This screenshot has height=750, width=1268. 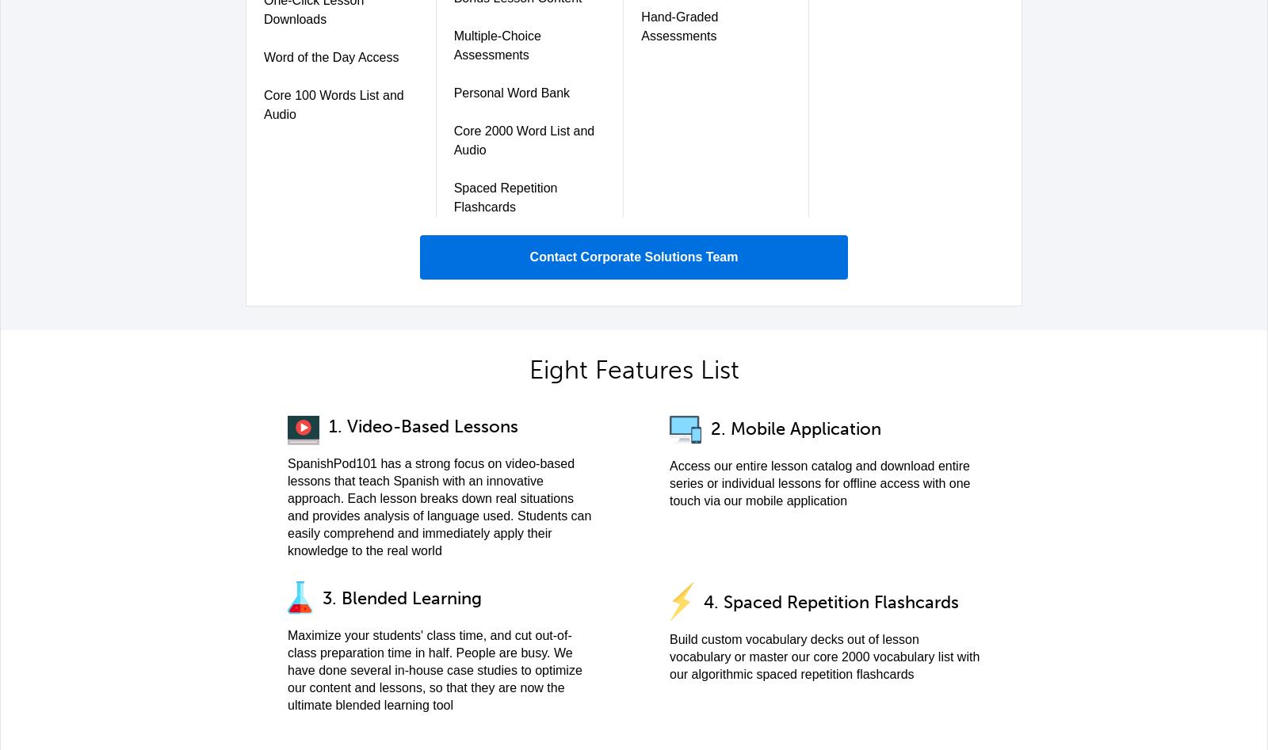 What do you see at coordinates (633, 256) in the screenshot?
I see `'Contact Corporate Solutions Team'` at bounding box center [633, 256].